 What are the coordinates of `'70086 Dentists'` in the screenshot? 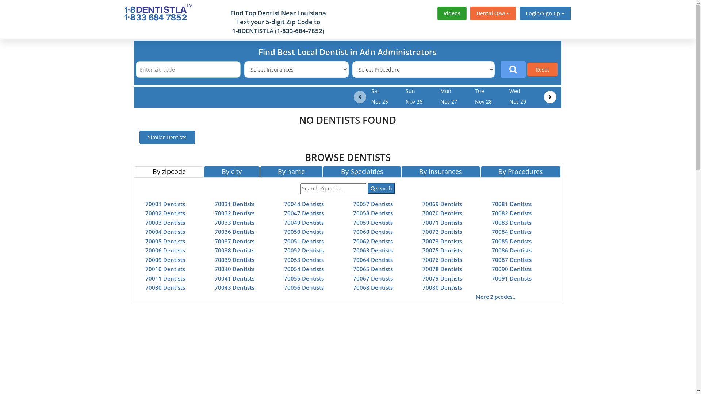 It's located at (511, 250).